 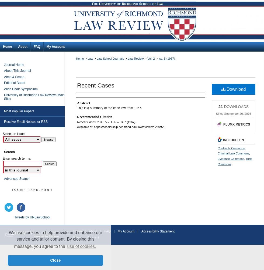 I want to click on 'Close', so click(x=55, y=260).